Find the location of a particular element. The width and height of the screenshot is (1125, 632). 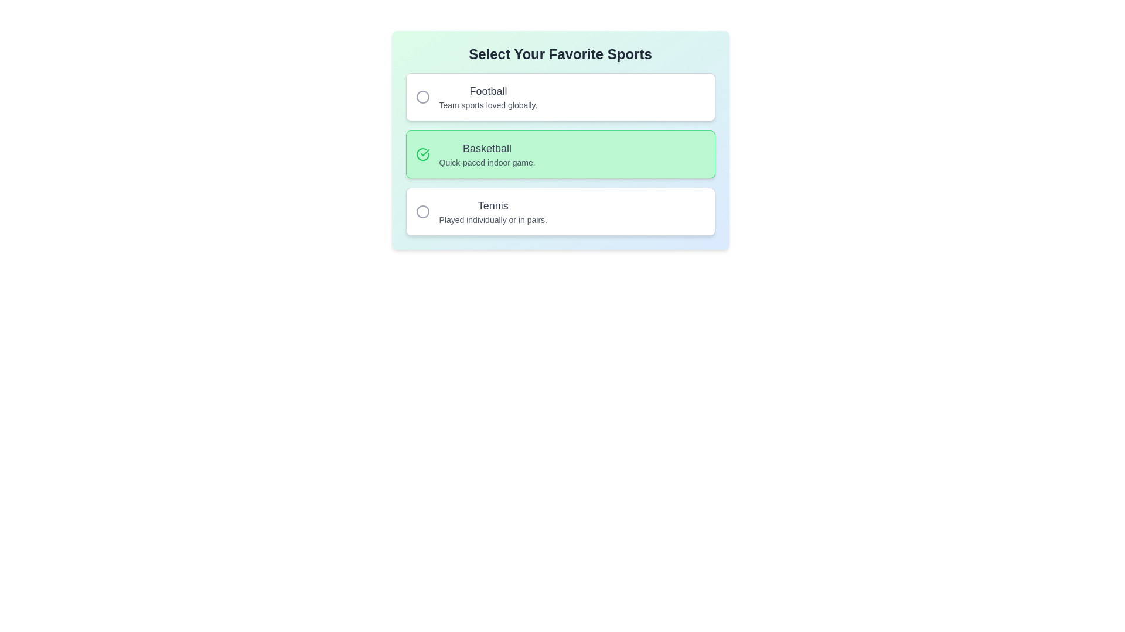

the checkmark symbol within the selected state SVG element, which is part of the second option in a vertical list is located at coordinates (424, 152).